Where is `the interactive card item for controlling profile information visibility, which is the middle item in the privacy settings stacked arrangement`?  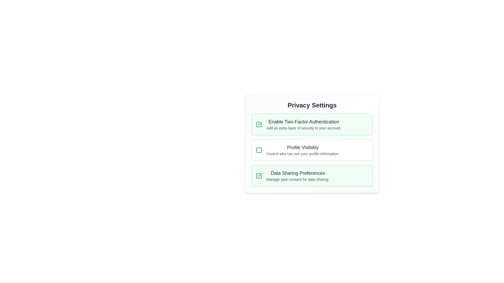 the interactive card item for controlling profile information visibility, which is the middle item in the privacy settings stacked arrangement is located at coordinates (312, 150).